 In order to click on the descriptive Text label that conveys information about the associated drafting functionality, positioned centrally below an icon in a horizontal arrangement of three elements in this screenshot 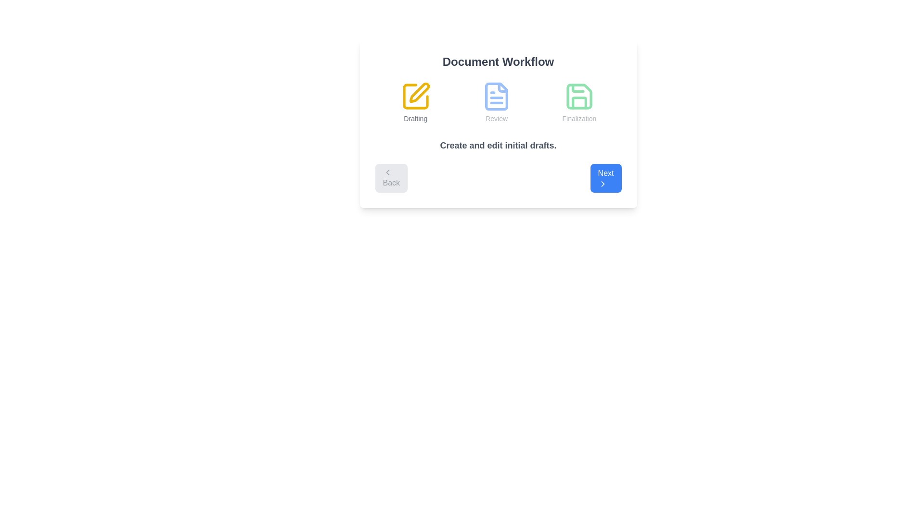, I will do `click(415, 118)`.